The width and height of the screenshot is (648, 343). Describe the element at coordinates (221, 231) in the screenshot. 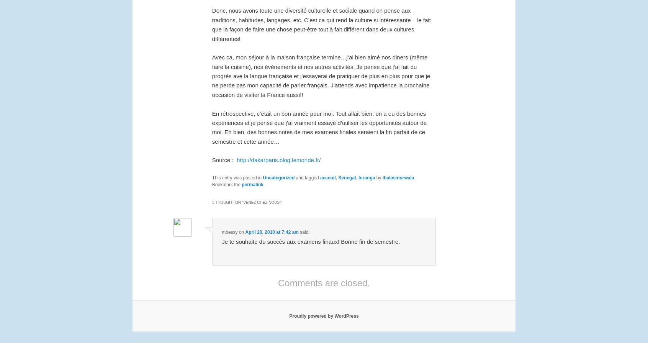

I see `'mbessy'` at that location.